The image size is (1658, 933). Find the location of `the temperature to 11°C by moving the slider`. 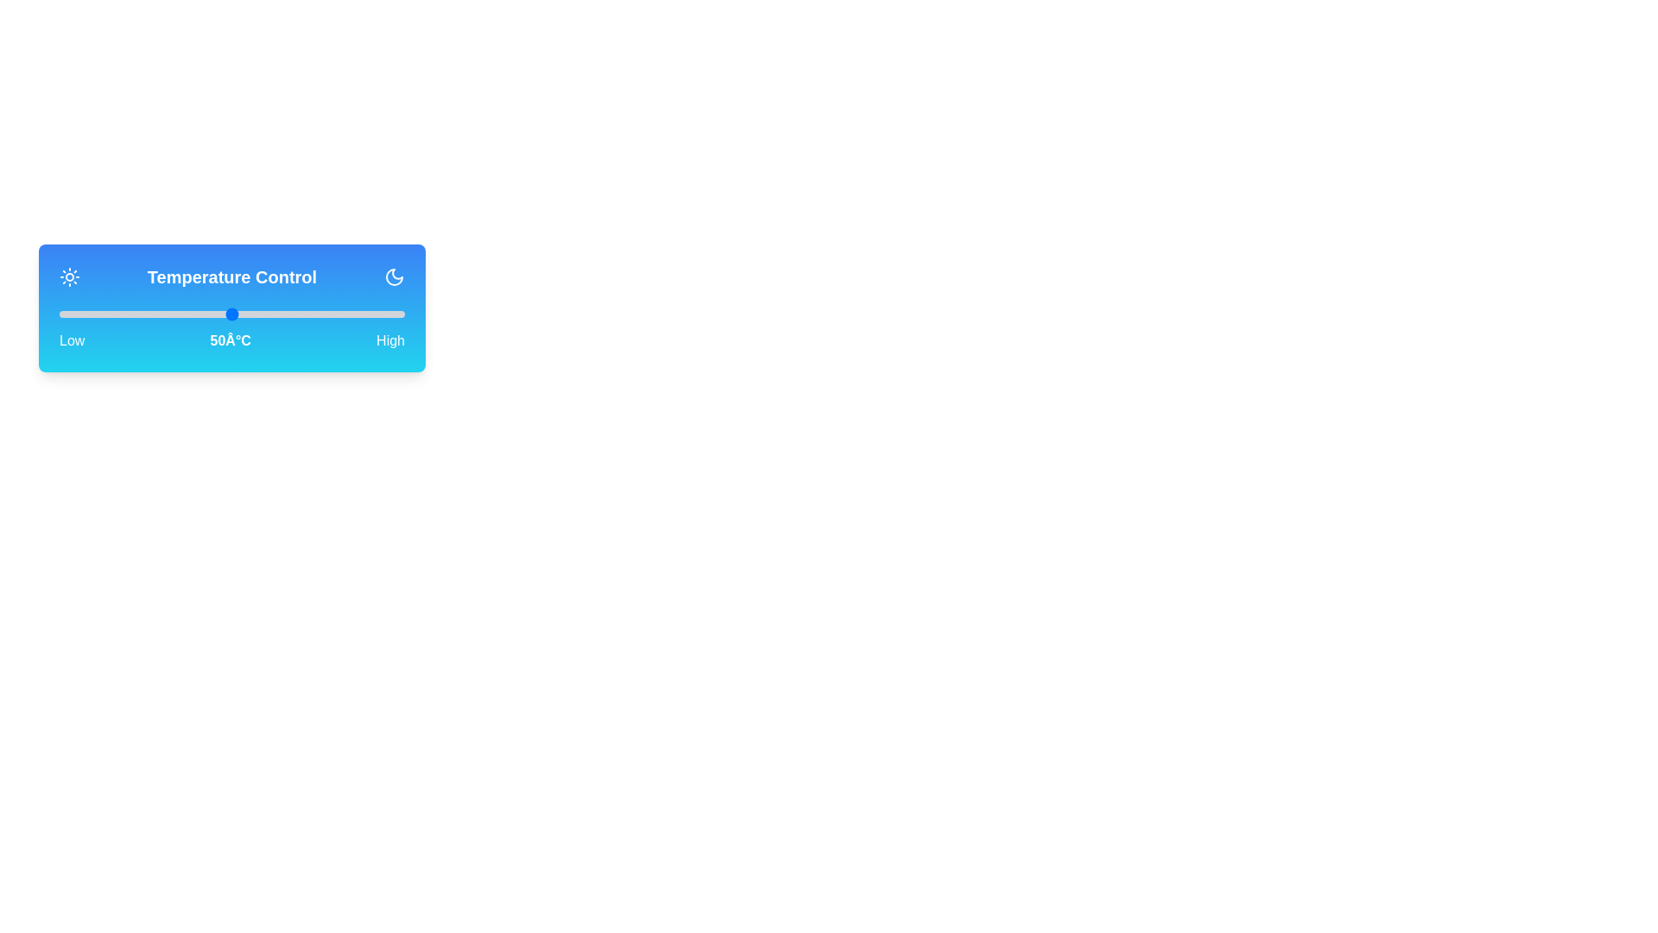

the temperature to 11°C by moving the slider is located at coordinates (97, 314).